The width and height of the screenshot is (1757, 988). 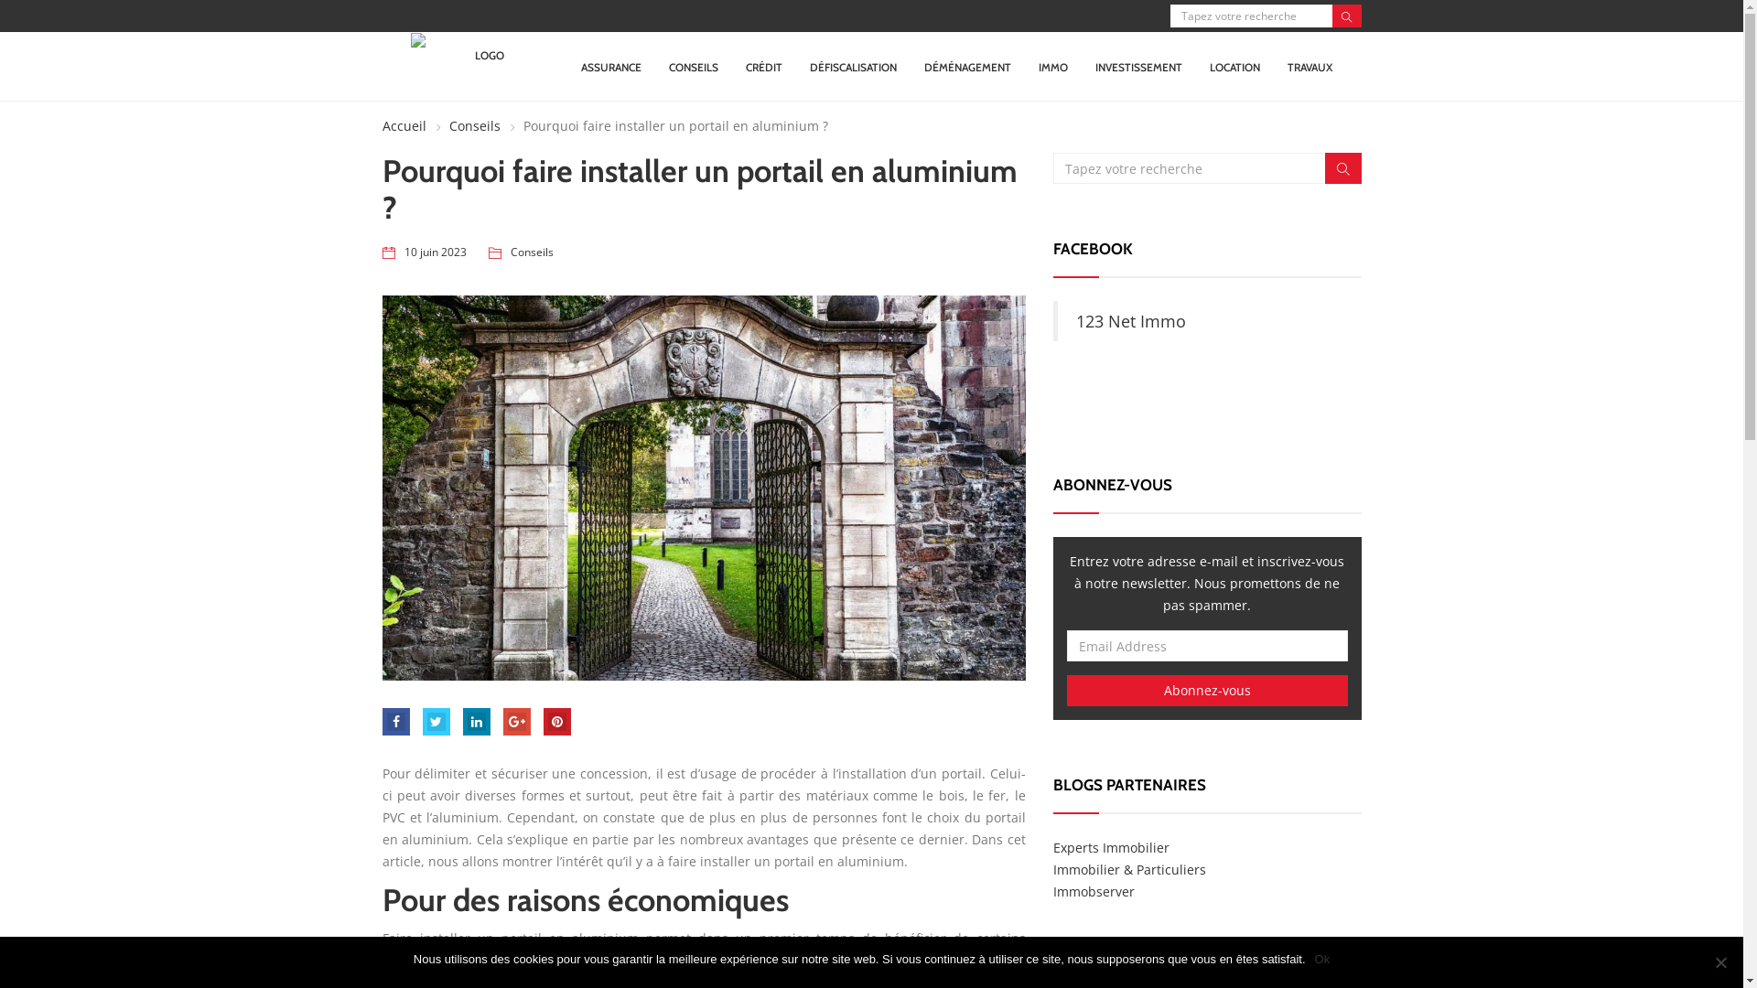 I want to click on 'Immobserver', so click(x=1094, y=890).